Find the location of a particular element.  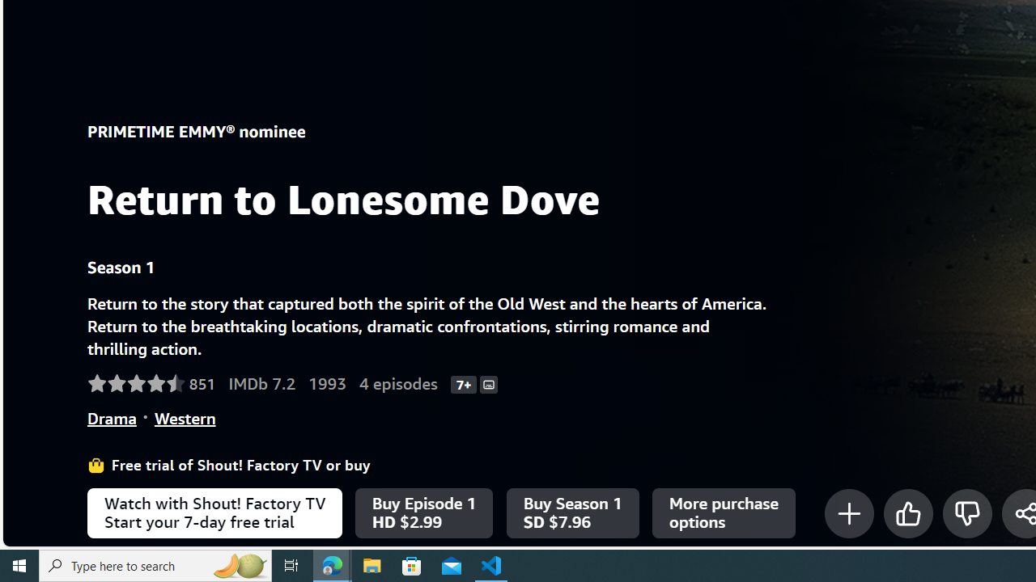

'Drama' is located at coordinates (111, 417).